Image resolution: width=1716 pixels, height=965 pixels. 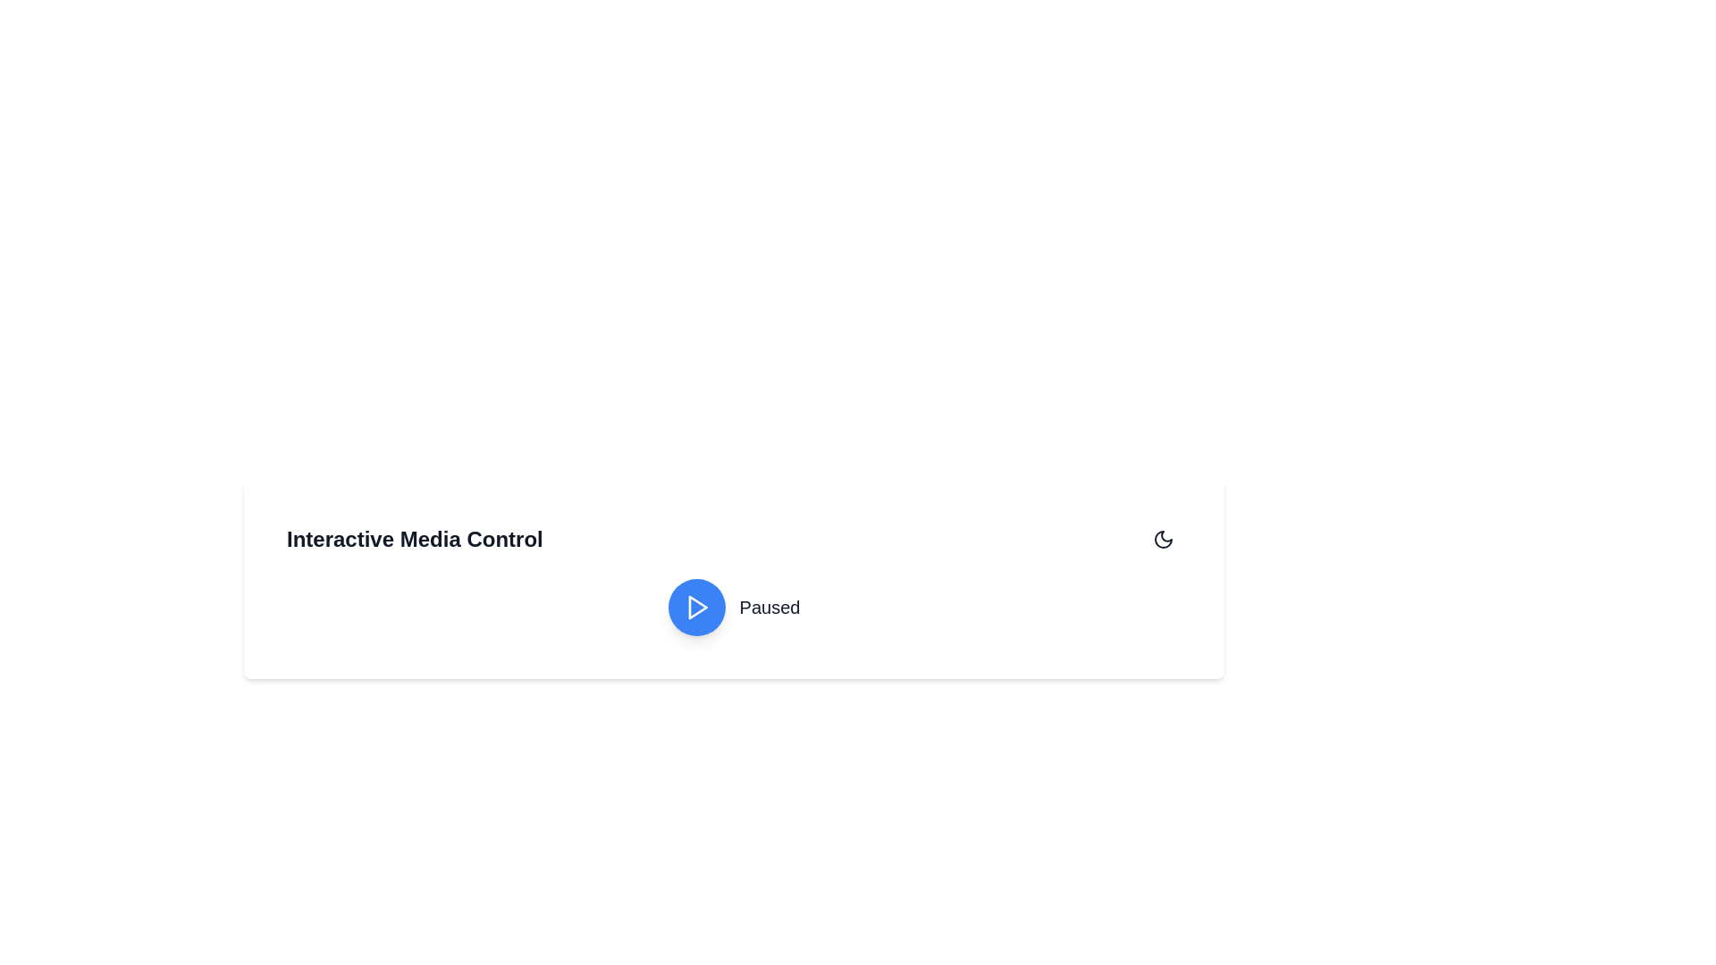 What do you see at coordinates (696, 606) in the screenshot?
I see `the triangular play icon inside the circular button labeled 'Paused'` at bounding box center [696, 606].